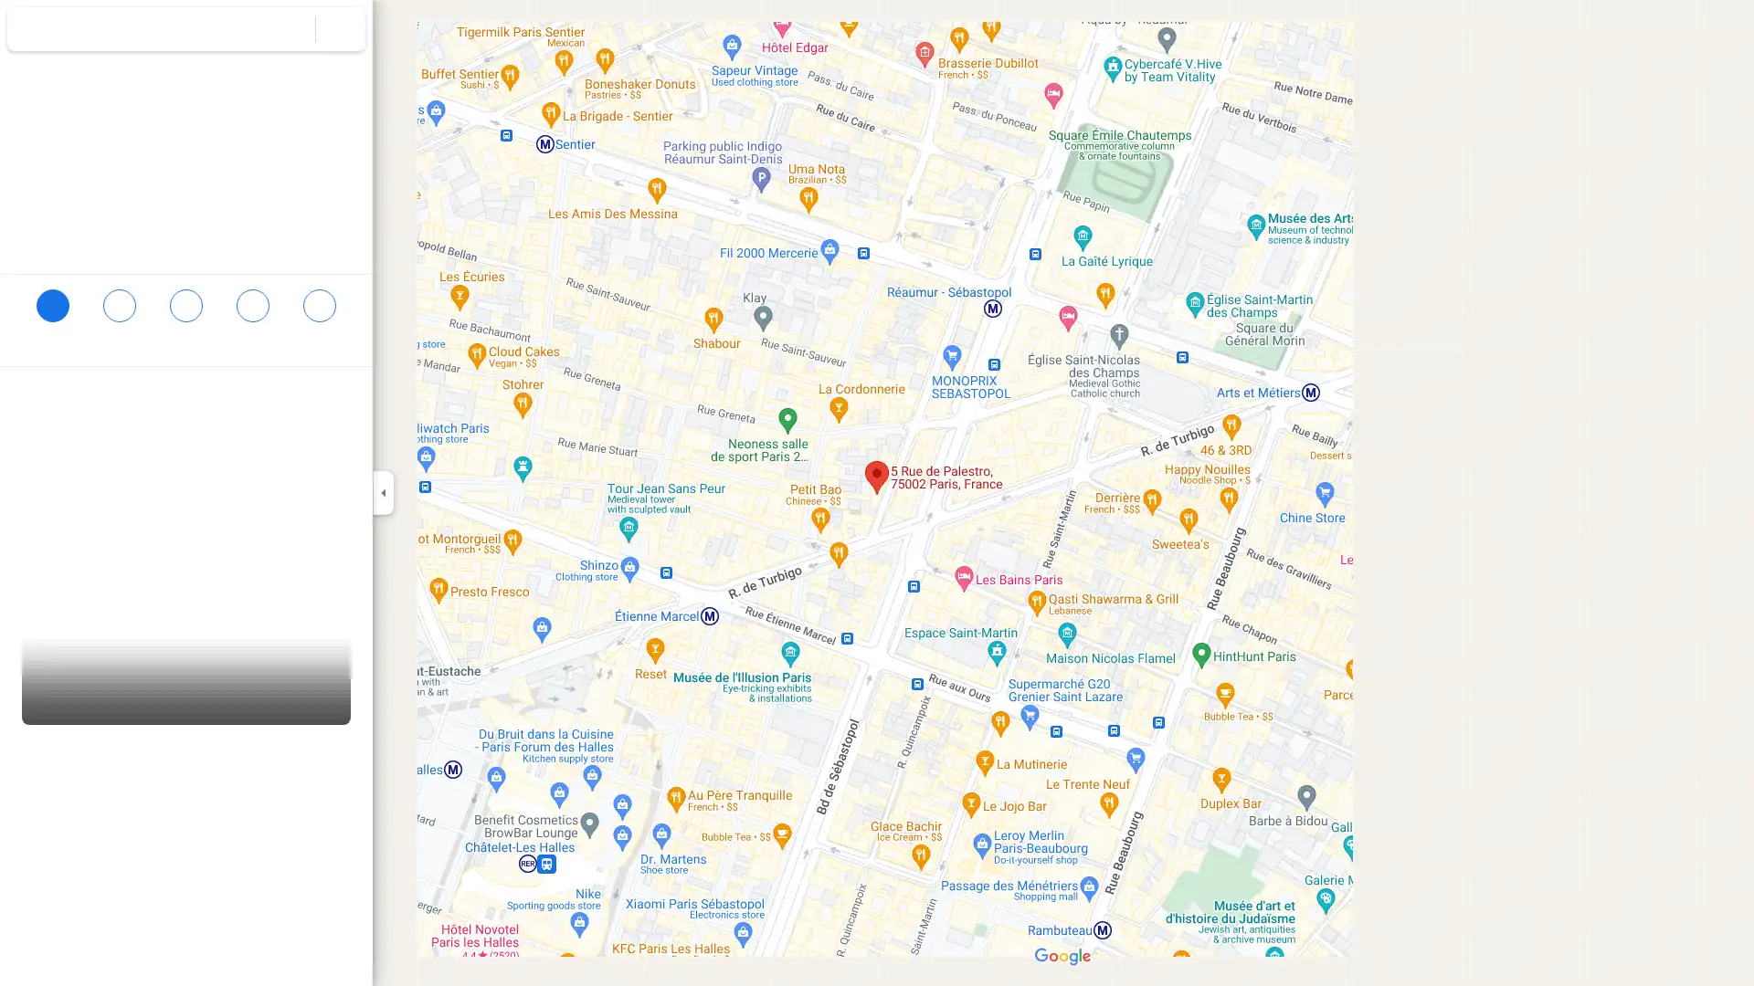 The height and width of the screenshot is (986, 1754). Describe the element at coordinates (186, 669) in the screenshot. I see `Street View` at that location.